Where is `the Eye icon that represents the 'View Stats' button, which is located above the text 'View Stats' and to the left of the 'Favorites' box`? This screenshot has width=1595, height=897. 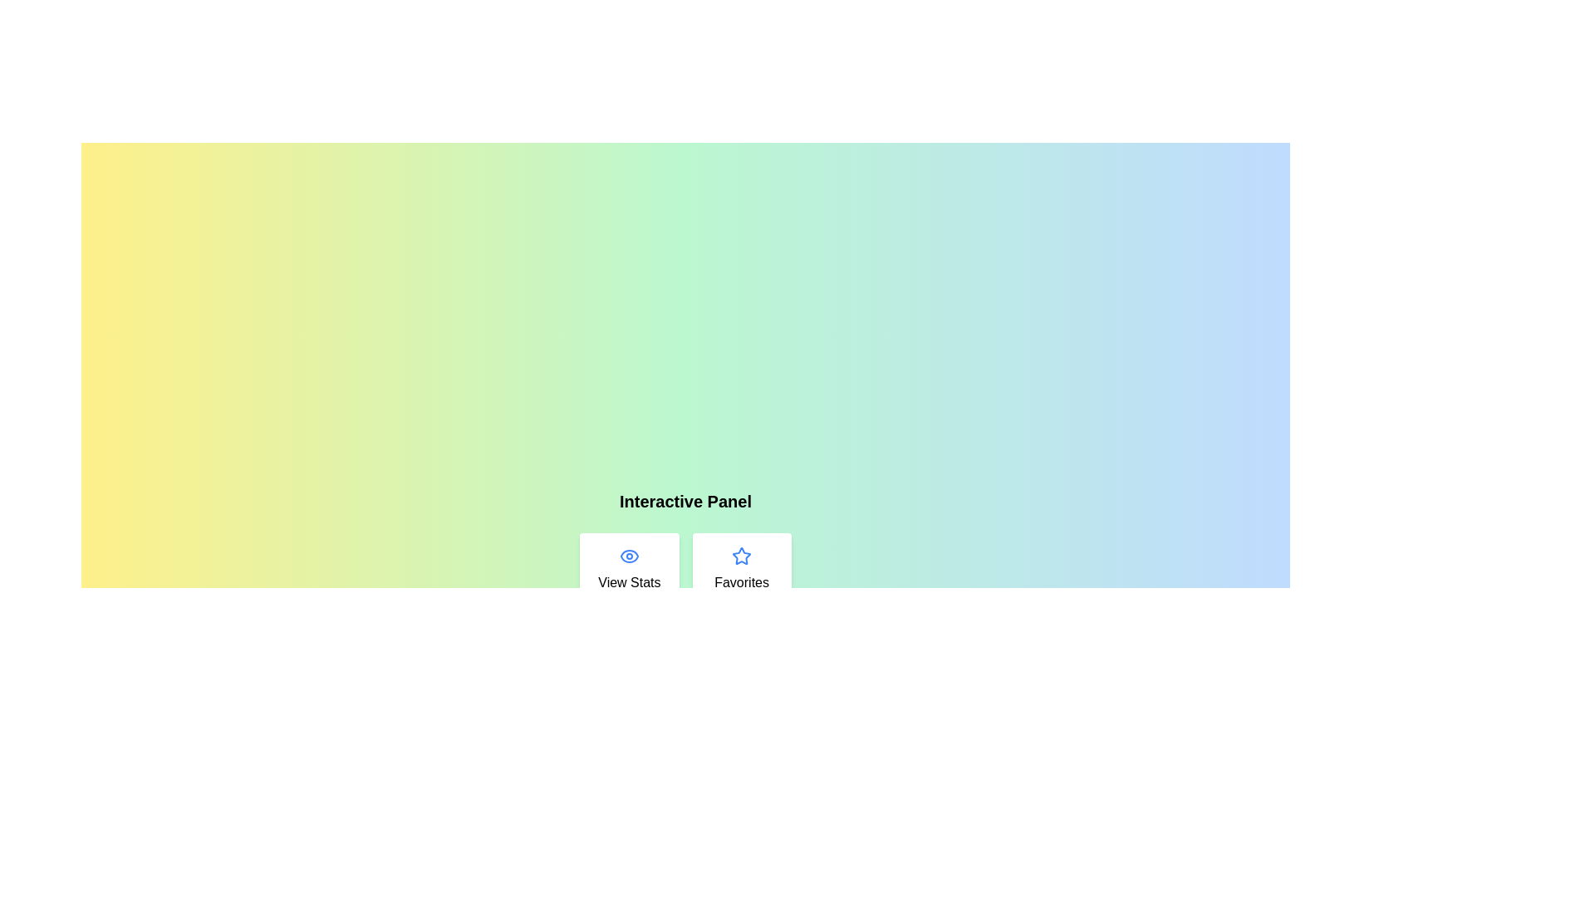
the Eye icon that represents the 'View Stats' button, which is located above the text 'View Stats' and to the left of the 'Favorites' box is located at coordinates (628, 556).